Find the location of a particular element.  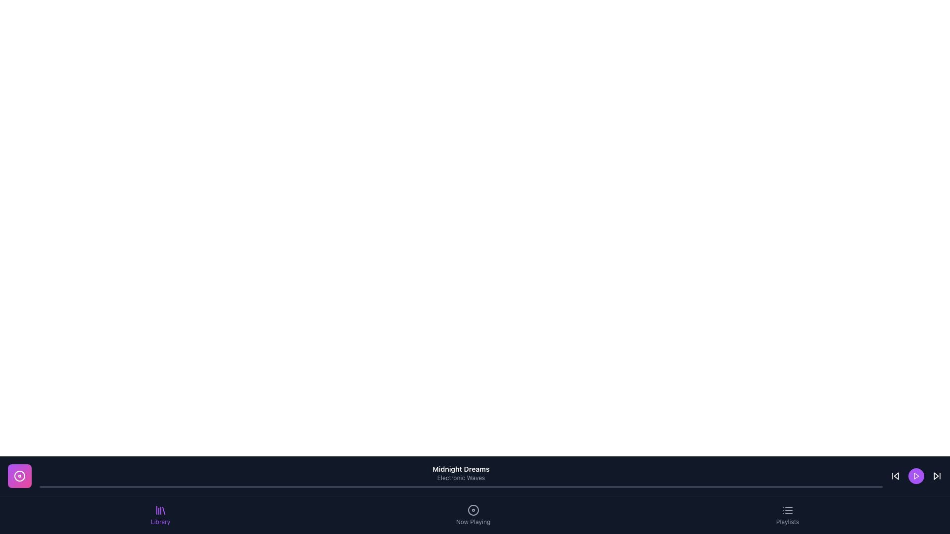

the 'Library' navigation button, which is the leftmost item in the bottom navigation bar is located at coordinates (160, 514).